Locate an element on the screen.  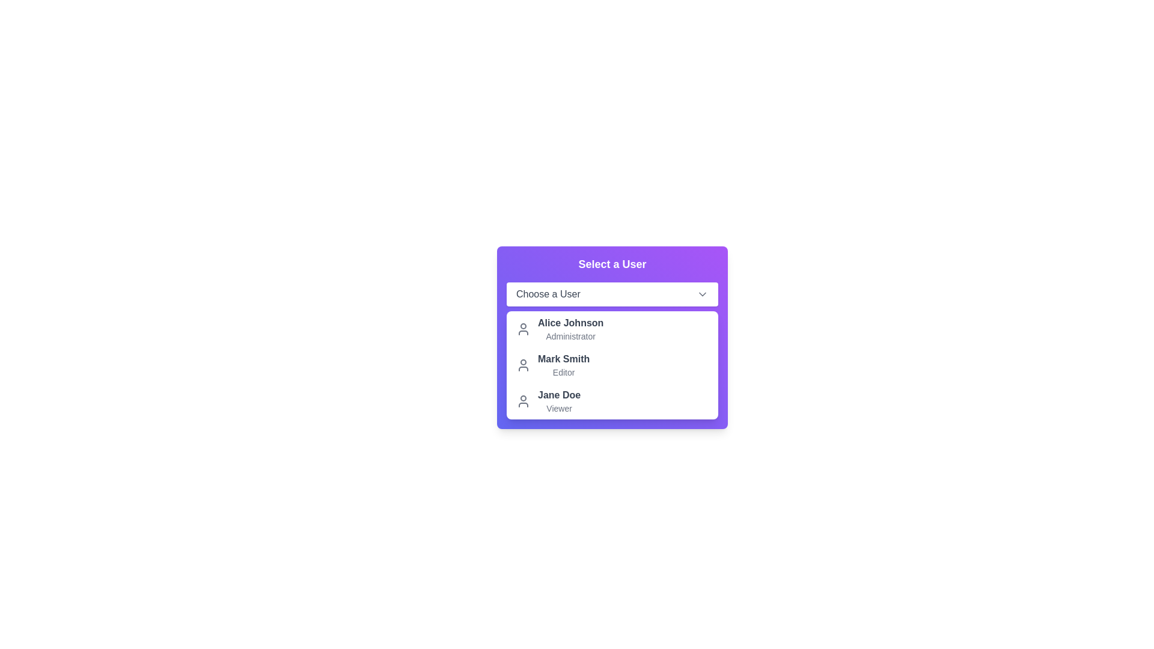
the list item labeled 'Jane Doe' within the drop-down menu is located at coordinates (612, 401).